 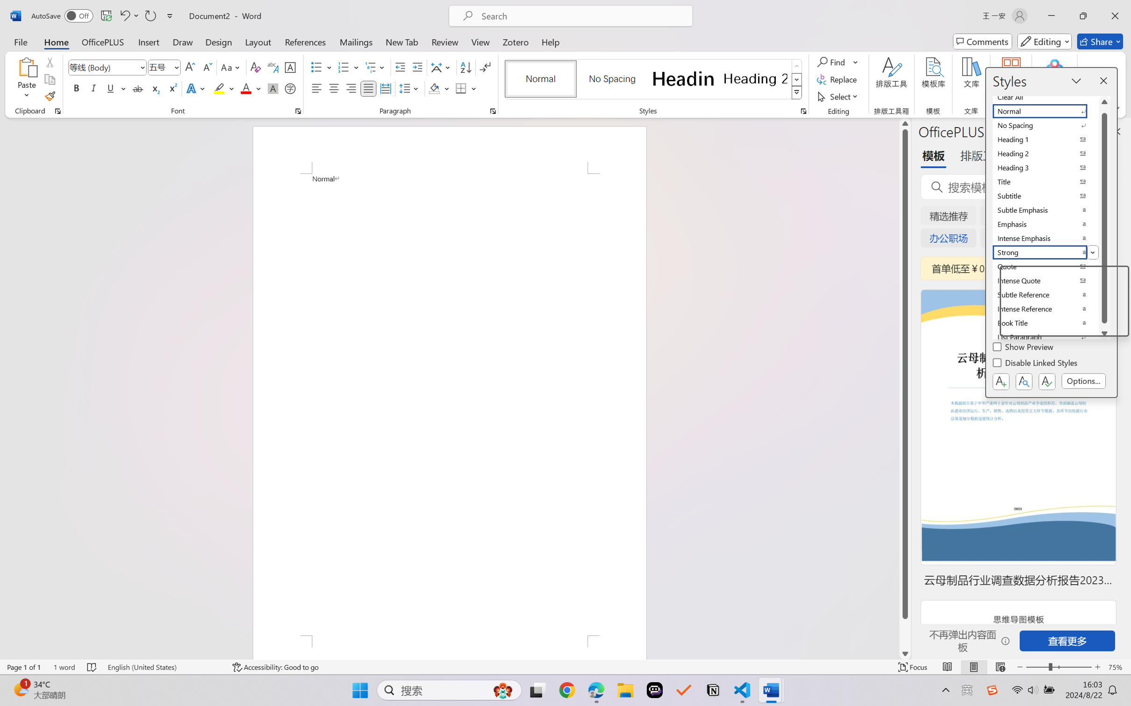 I want to click on 'Help', so click(x=550, y=41).